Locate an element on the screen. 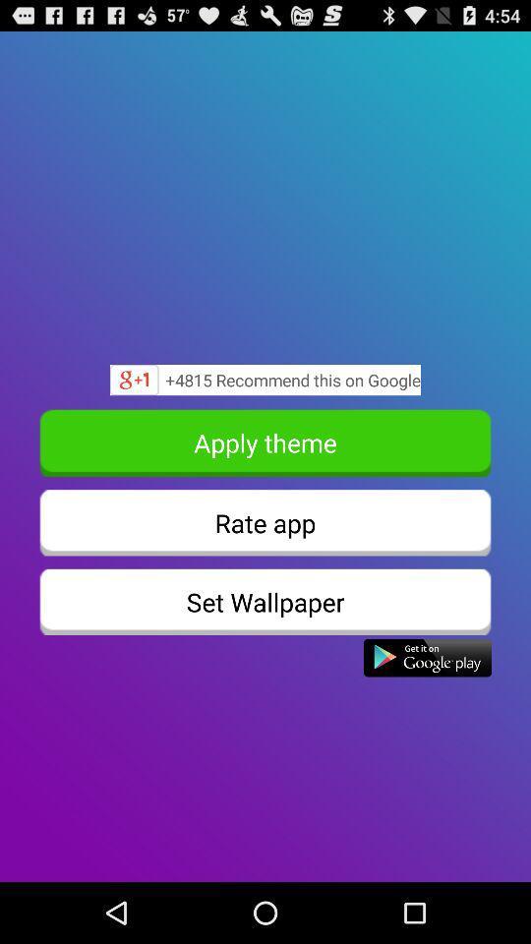  apply theme icon is located at coordinates (265, 442).